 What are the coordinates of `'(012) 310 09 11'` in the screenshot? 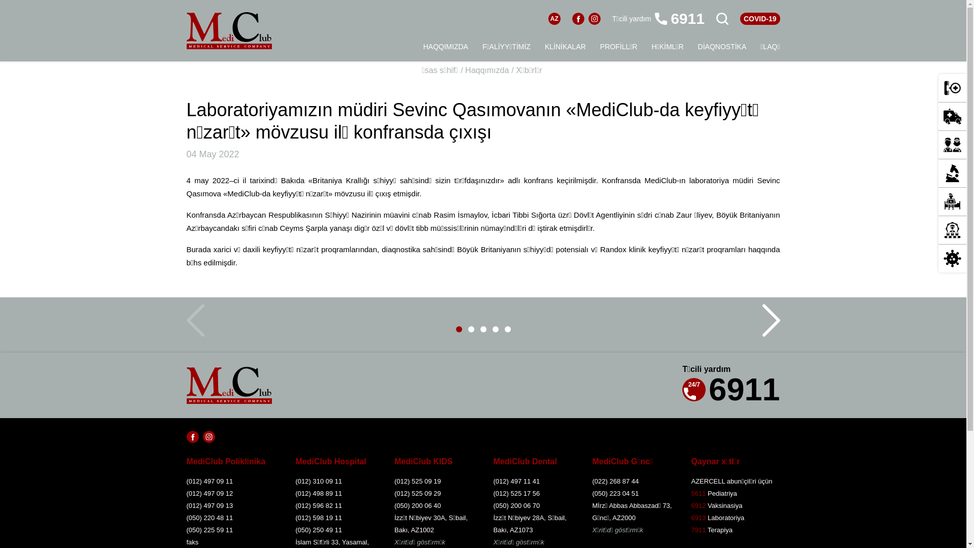 It's located at (336, 481).